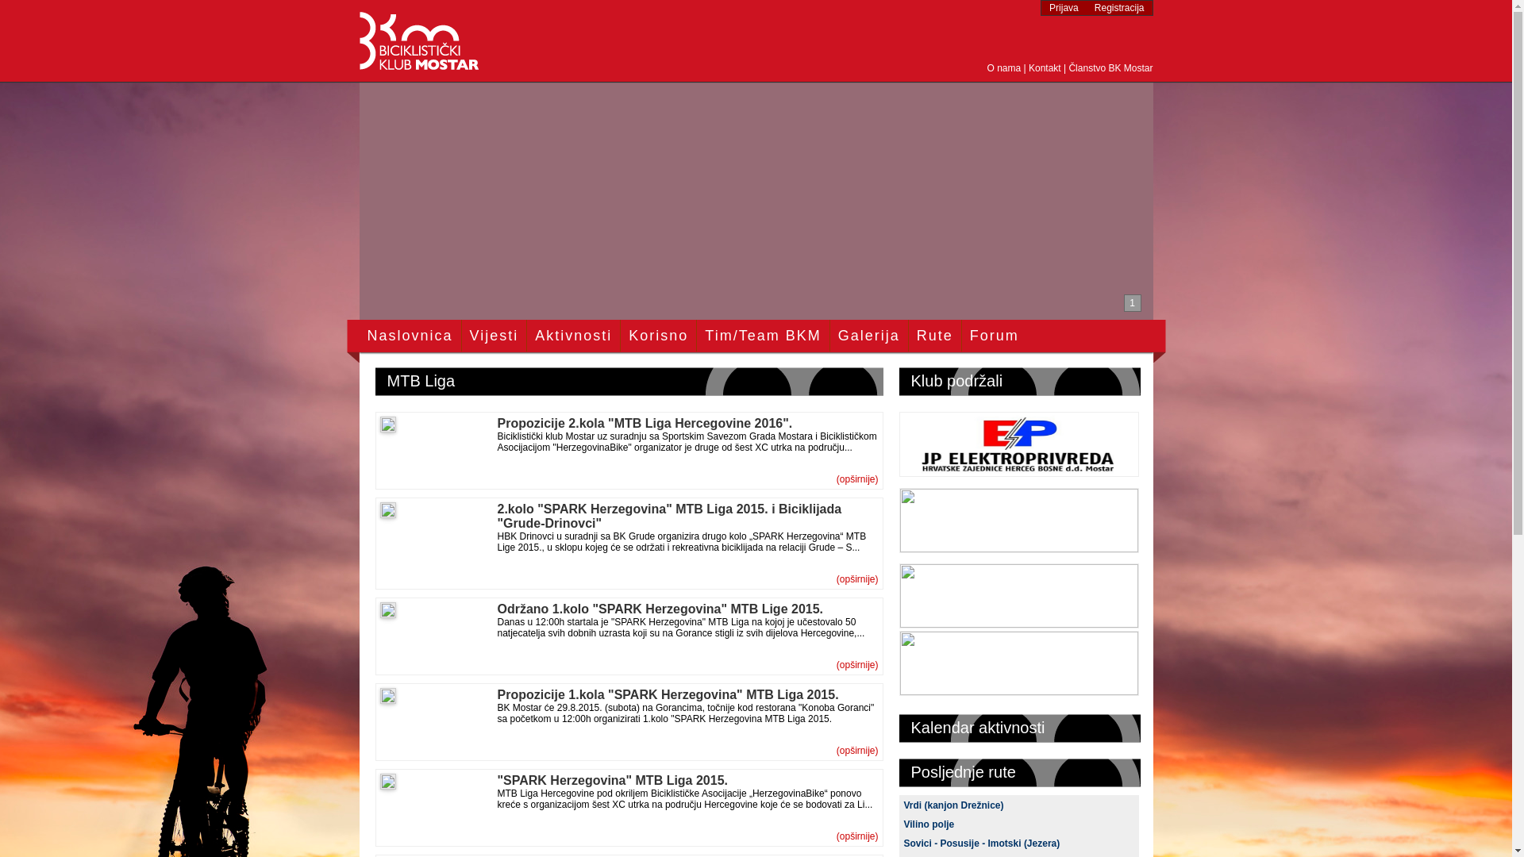 This screenshot has width=1524, height=857. I want to click on 'Shift', so click(899, 690).